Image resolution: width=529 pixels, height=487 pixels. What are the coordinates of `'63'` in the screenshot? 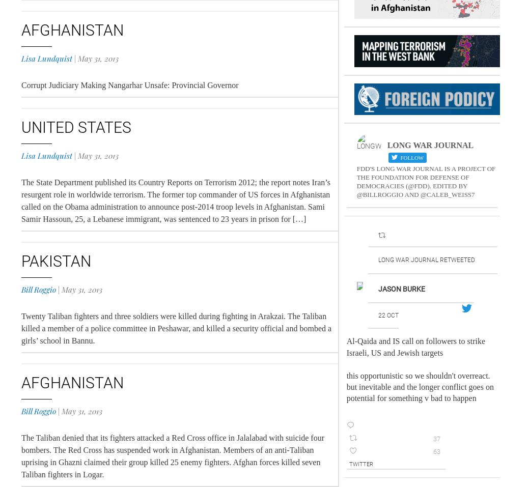 It's located at (435, 451).